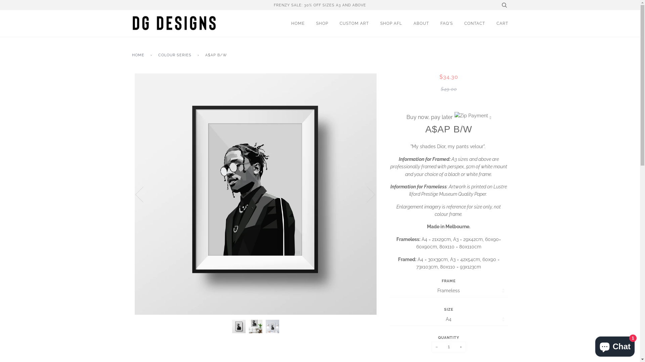 Image resolution: width=645 pixels, height=362 pixels. Describe the element at coordinates (593, 345) in the screenshot. I see `'Shopify online store chat'` at that location.